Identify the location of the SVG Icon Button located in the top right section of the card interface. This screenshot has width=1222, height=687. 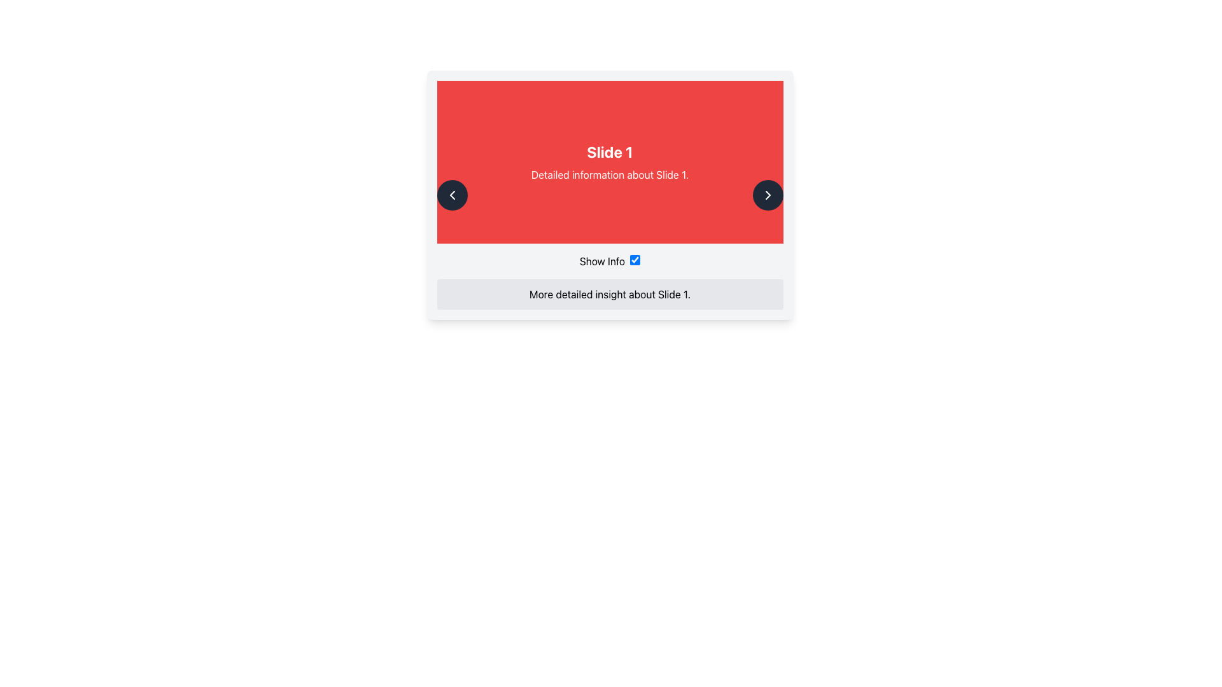
(767, 195).